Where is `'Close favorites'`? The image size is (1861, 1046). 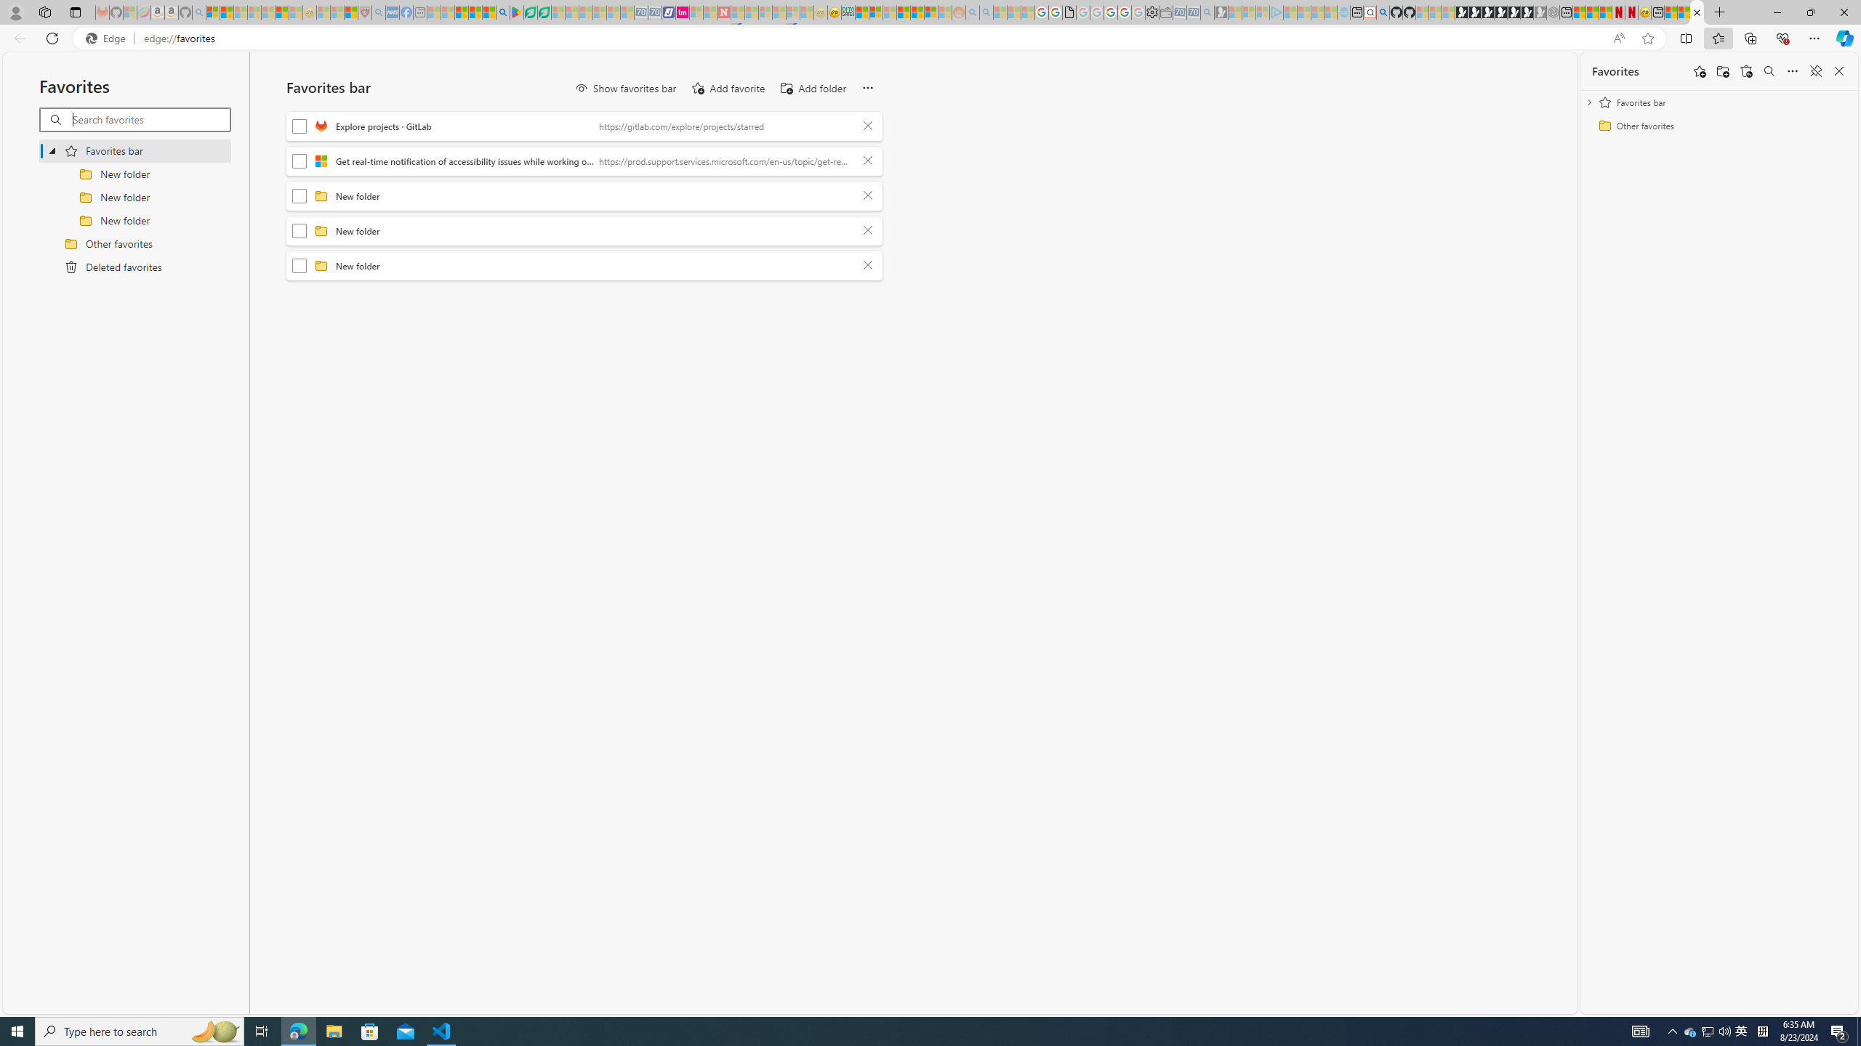
'Close favorites' is located at coordinates (1839, 70).